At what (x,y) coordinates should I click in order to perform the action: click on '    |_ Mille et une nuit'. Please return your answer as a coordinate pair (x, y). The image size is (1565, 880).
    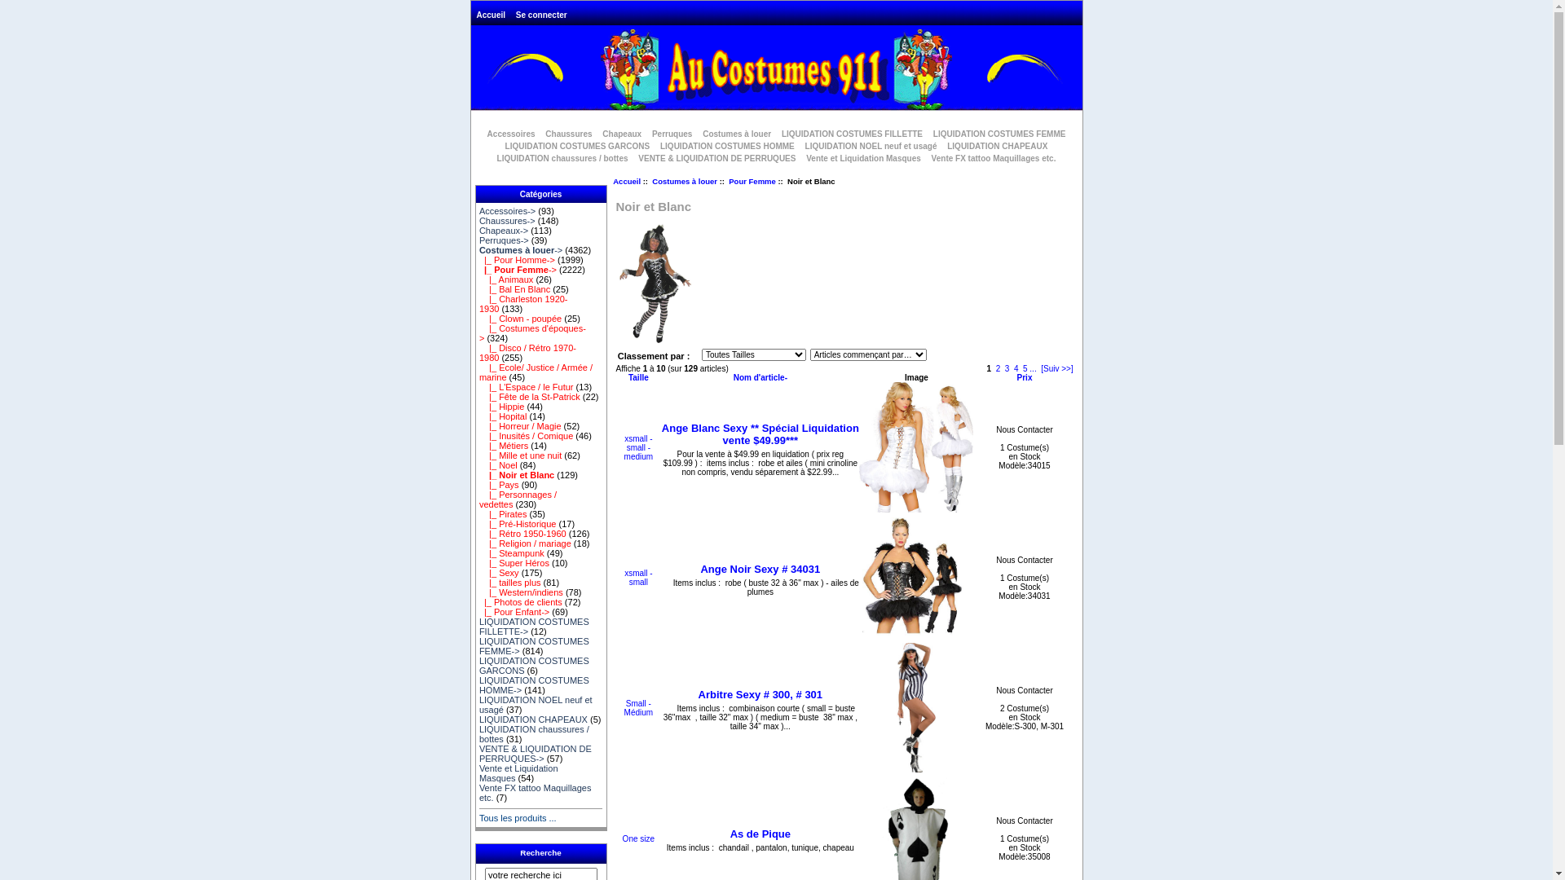
    Looking at the image, I should click on (519, 455).